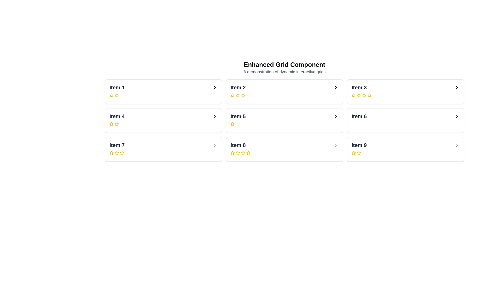 Image resolution: width=503 pixels, height=283 pixels. I want to click on the yellow star icon for 'Item 3', so click(353, 95).